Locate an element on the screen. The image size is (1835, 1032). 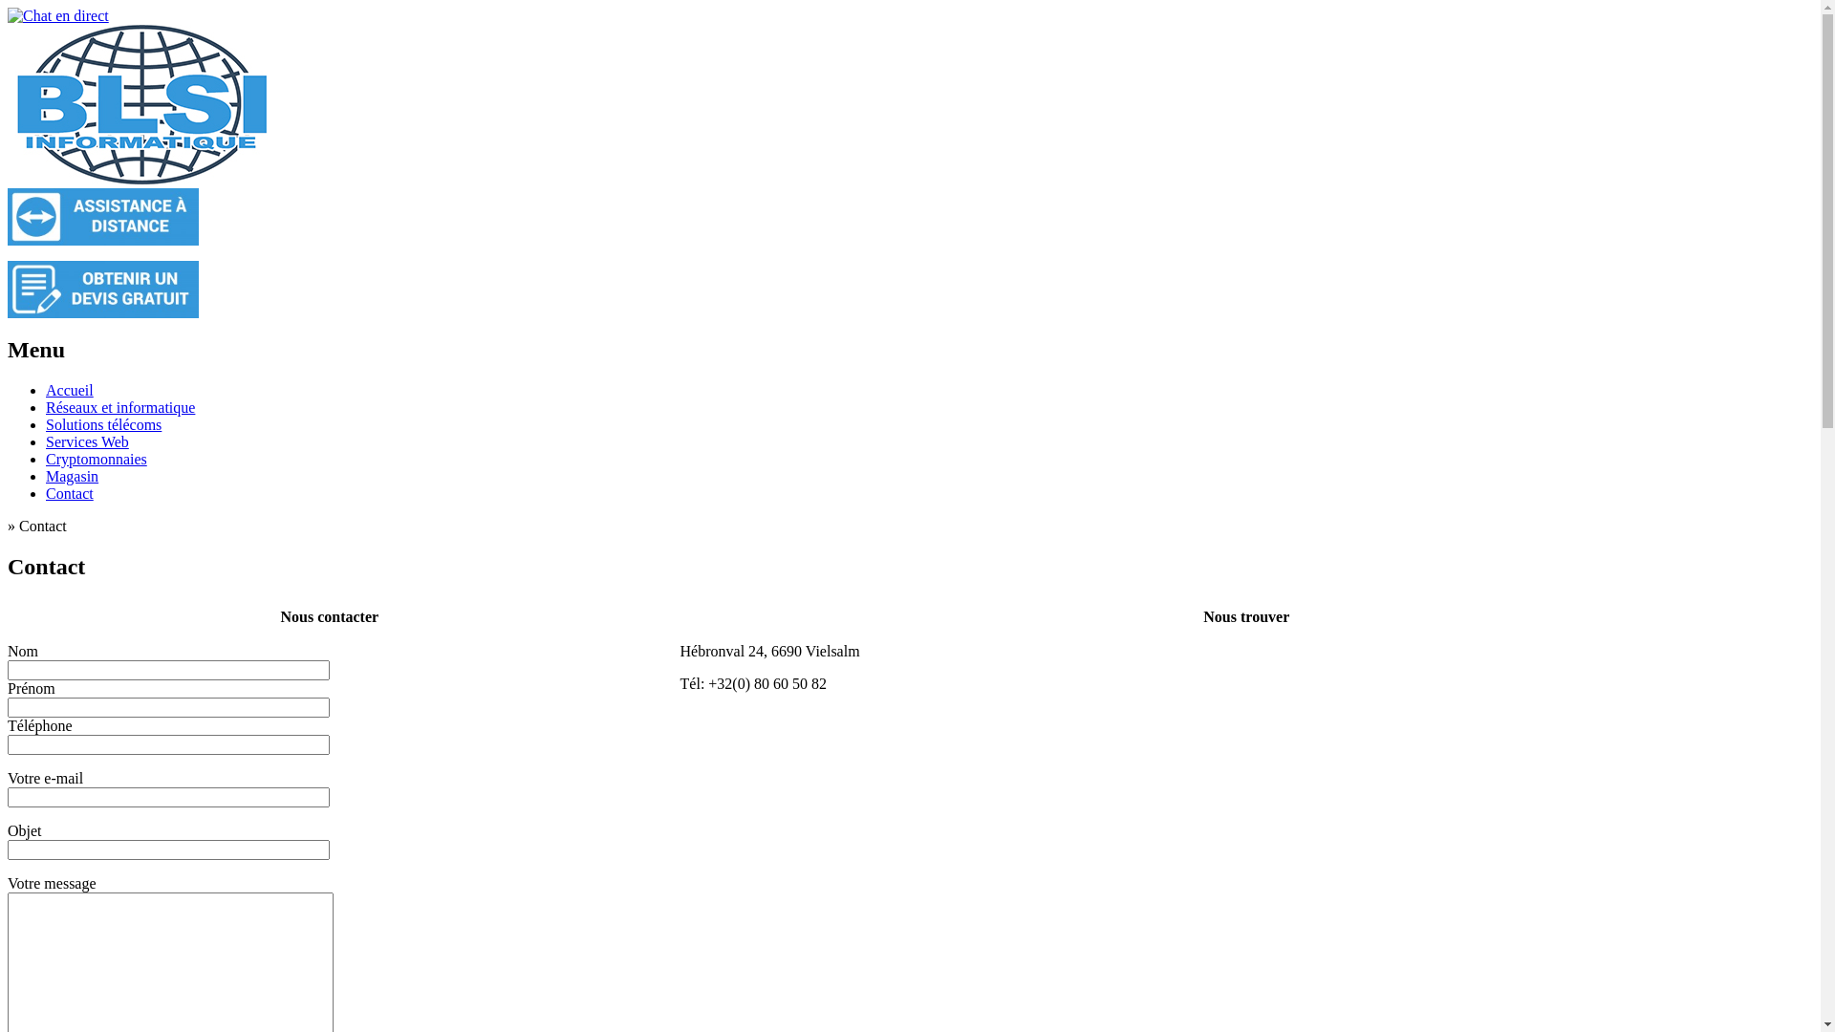
'Services Web' is located at coordinates (86, 441).